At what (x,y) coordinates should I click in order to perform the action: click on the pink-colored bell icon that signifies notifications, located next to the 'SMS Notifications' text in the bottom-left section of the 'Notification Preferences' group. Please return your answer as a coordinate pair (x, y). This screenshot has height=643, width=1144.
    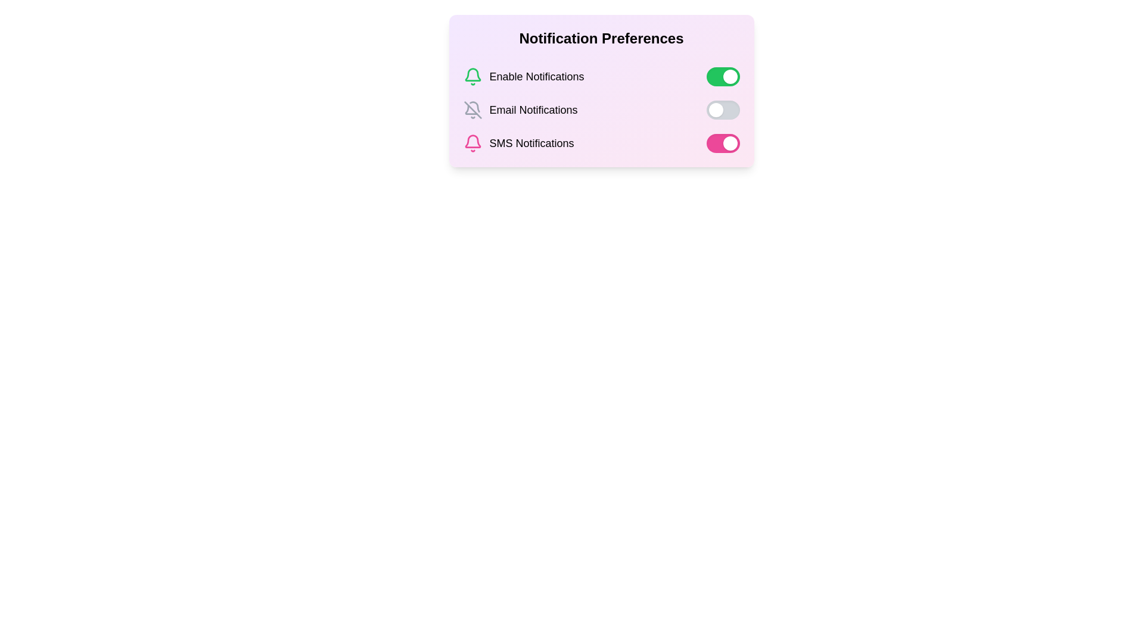
    Looking at the image, I should click on (472, 142).